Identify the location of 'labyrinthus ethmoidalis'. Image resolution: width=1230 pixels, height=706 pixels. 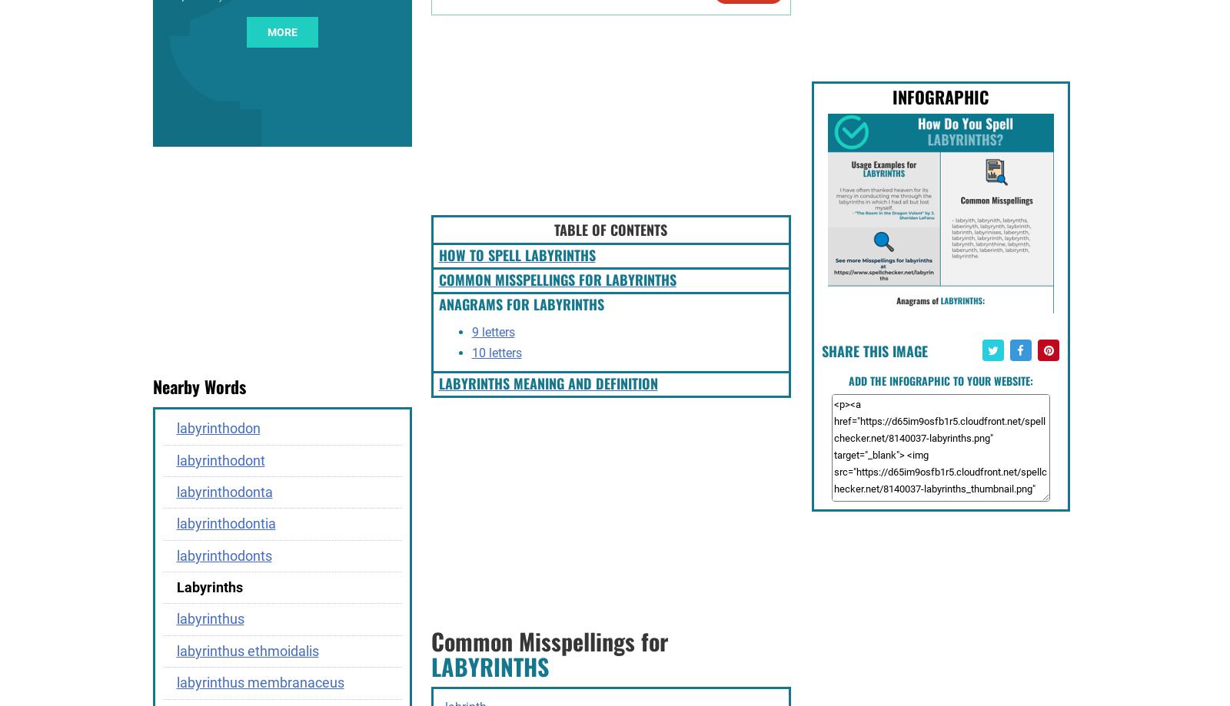
(247, 649).